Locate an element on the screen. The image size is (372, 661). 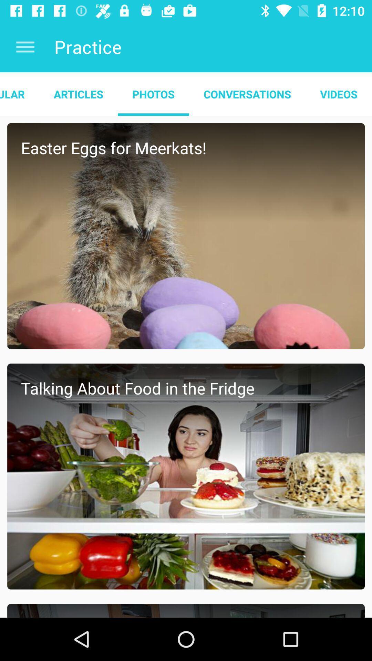
conversations item is located at coordinates (247, 94).